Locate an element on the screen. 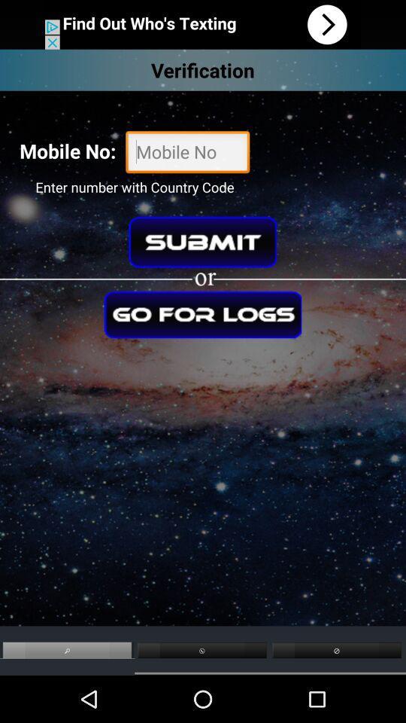  submit button is located at coordinates (202, 242).